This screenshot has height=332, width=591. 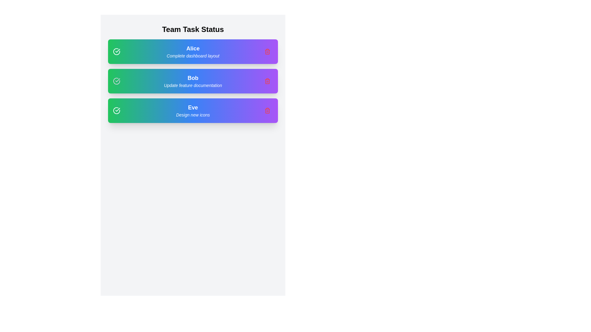 I want to click on the checkmark icon to toggle the completion status of the task, so click(x=117, y=51).